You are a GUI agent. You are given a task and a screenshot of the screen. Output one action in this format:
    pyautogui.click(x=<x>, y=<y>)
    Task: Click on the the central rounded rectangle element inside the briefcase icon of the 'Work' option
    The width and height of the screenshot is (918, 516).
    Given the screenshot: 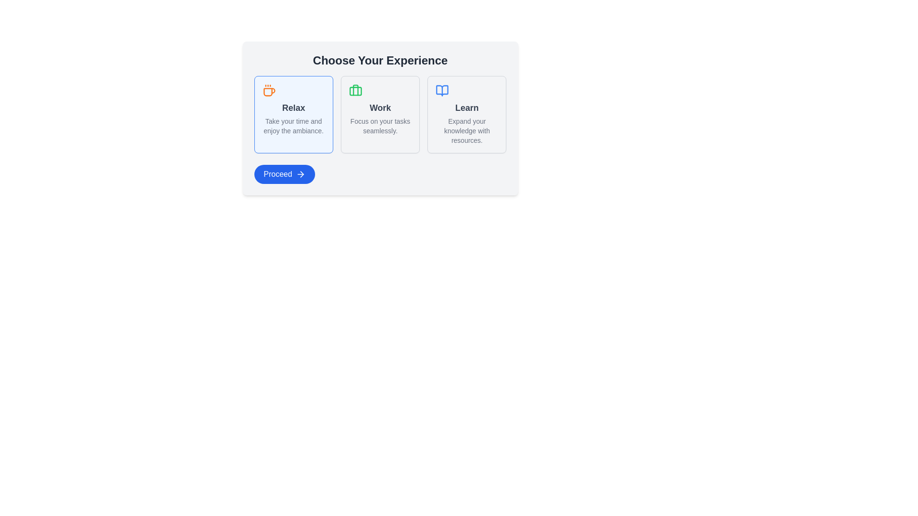 What is the action you would take?
    pyautogui.click(x=355, y=91)
    